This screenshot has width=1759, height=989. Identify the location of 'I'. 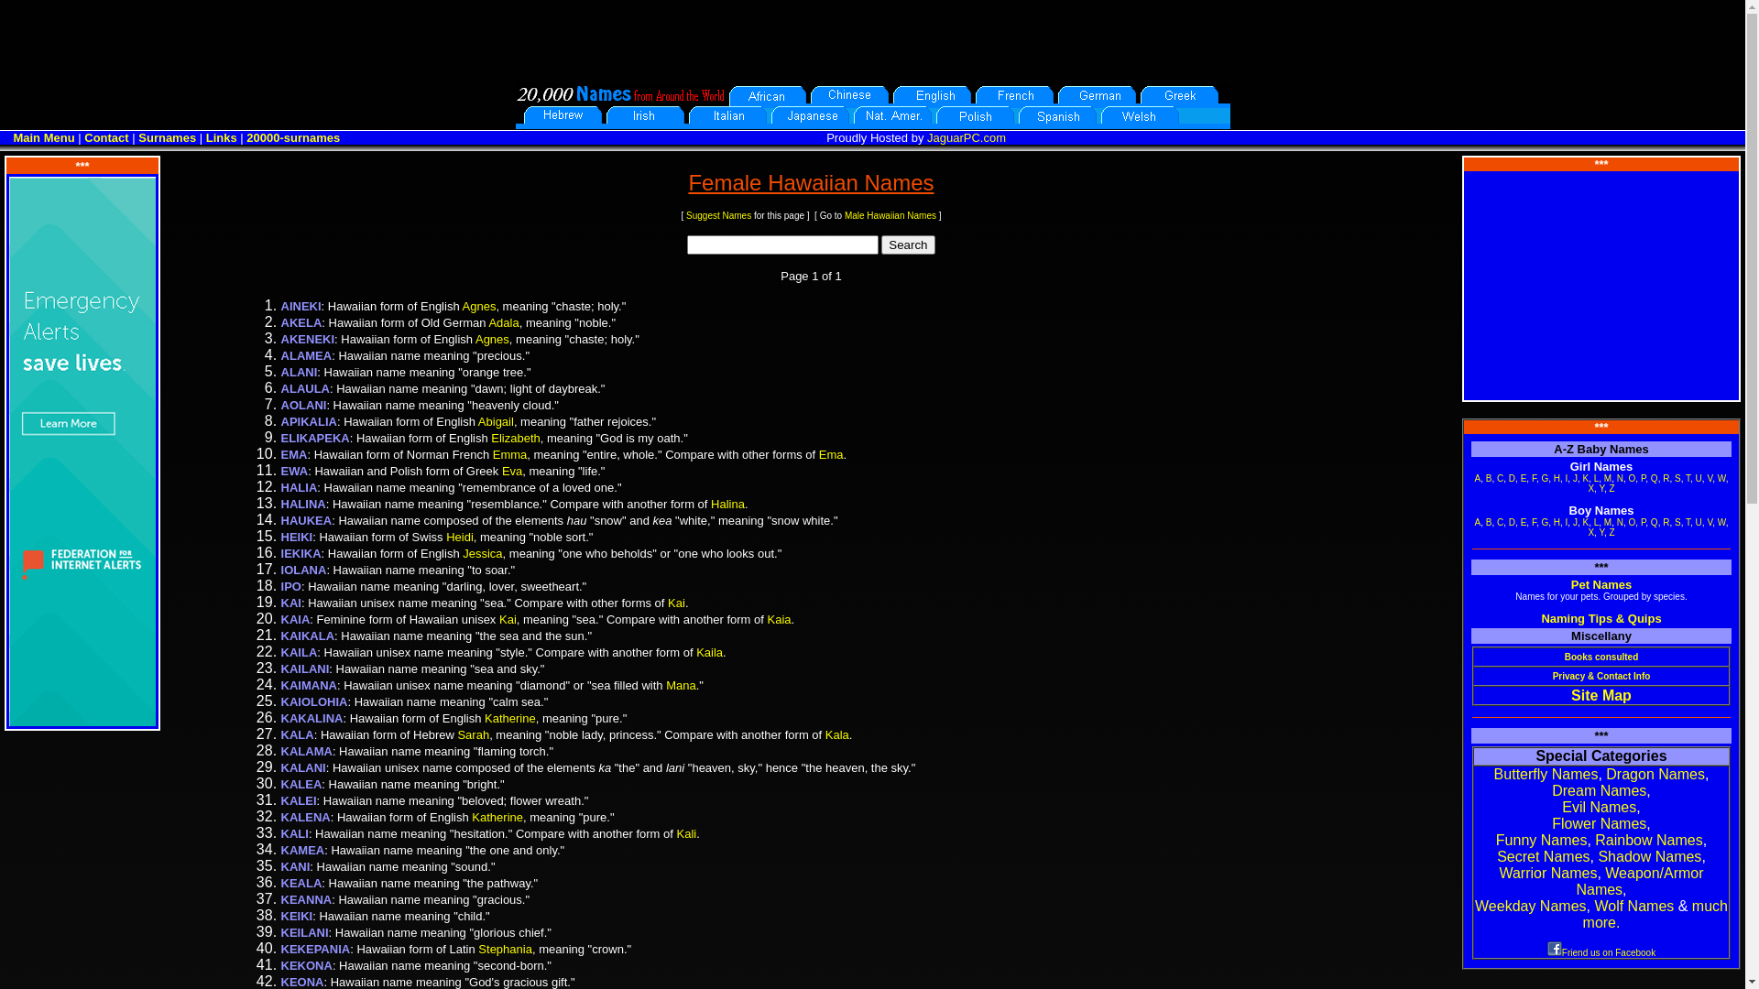
(1566, 522).